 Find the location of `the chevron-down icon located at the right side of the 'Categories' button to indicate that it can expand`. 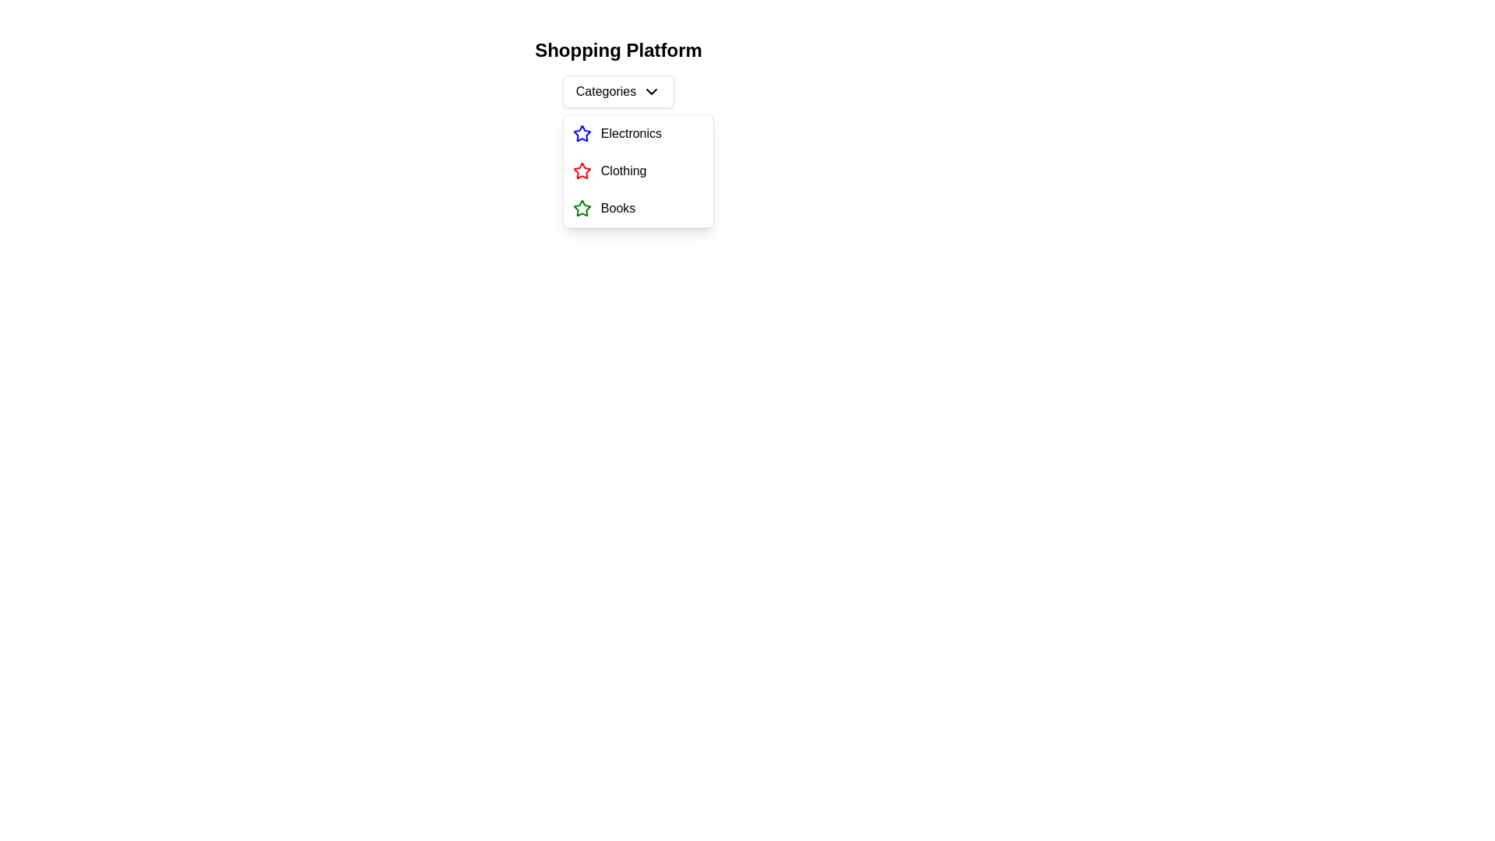

the chevron-down icon located at the right side of the 'Categories' button to indicate that it can expand is located at coordinates (652, 92).